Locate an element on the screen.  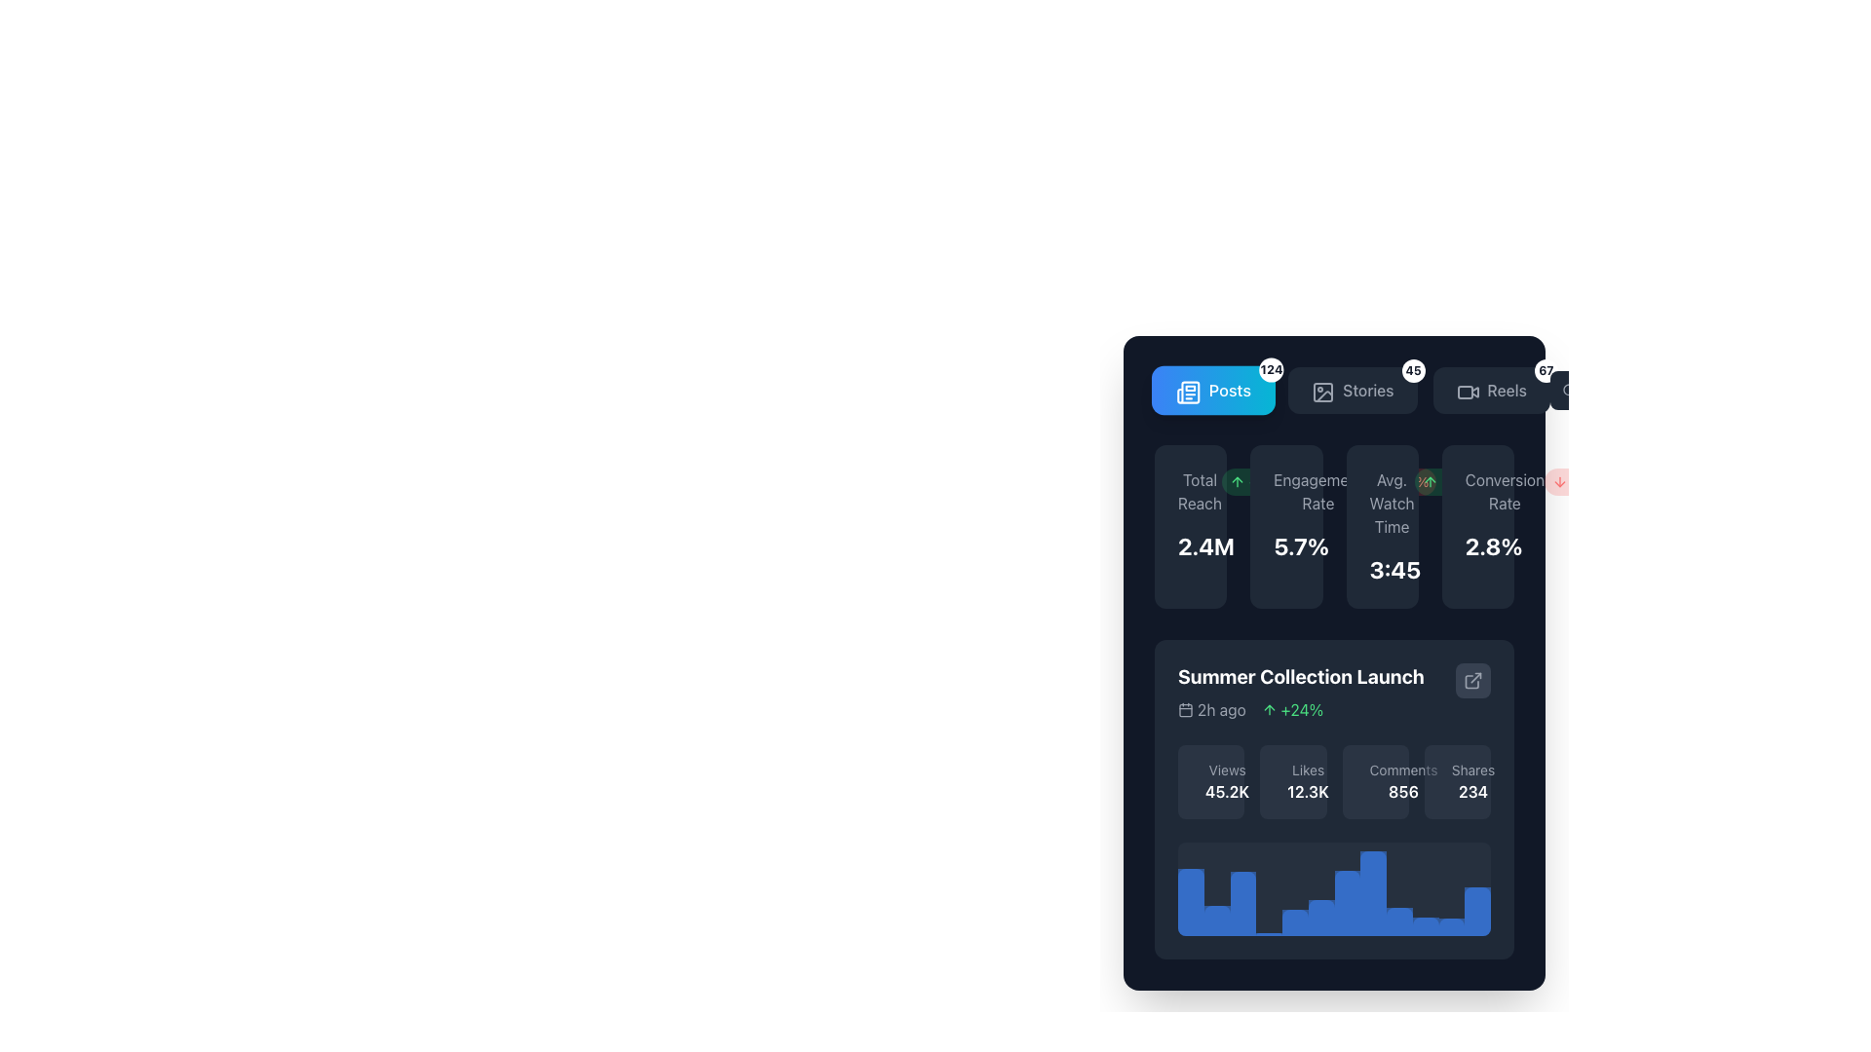
the Text with icon indicator that displays a positive percentage change related to the 'Summer Collection Launch' section, located adjacent to the text '2h ago' is located at coordinates (1292, 710).